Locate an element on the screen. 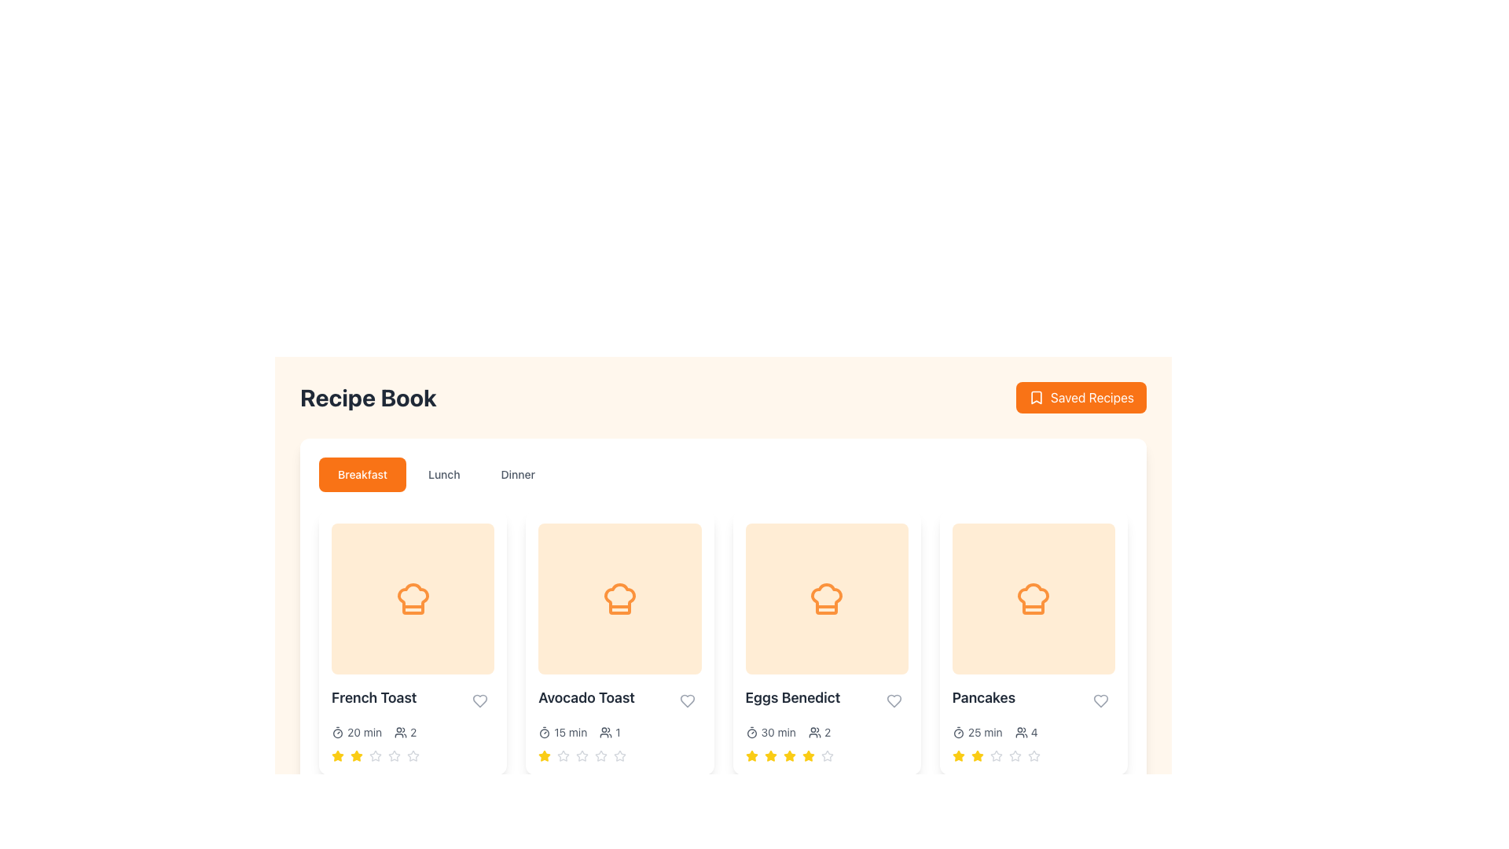  the label that indicates the preparation time for the recipe, located below the 'Avocado Toast' section and next to a clock icon is located at coordinates (570, 733).